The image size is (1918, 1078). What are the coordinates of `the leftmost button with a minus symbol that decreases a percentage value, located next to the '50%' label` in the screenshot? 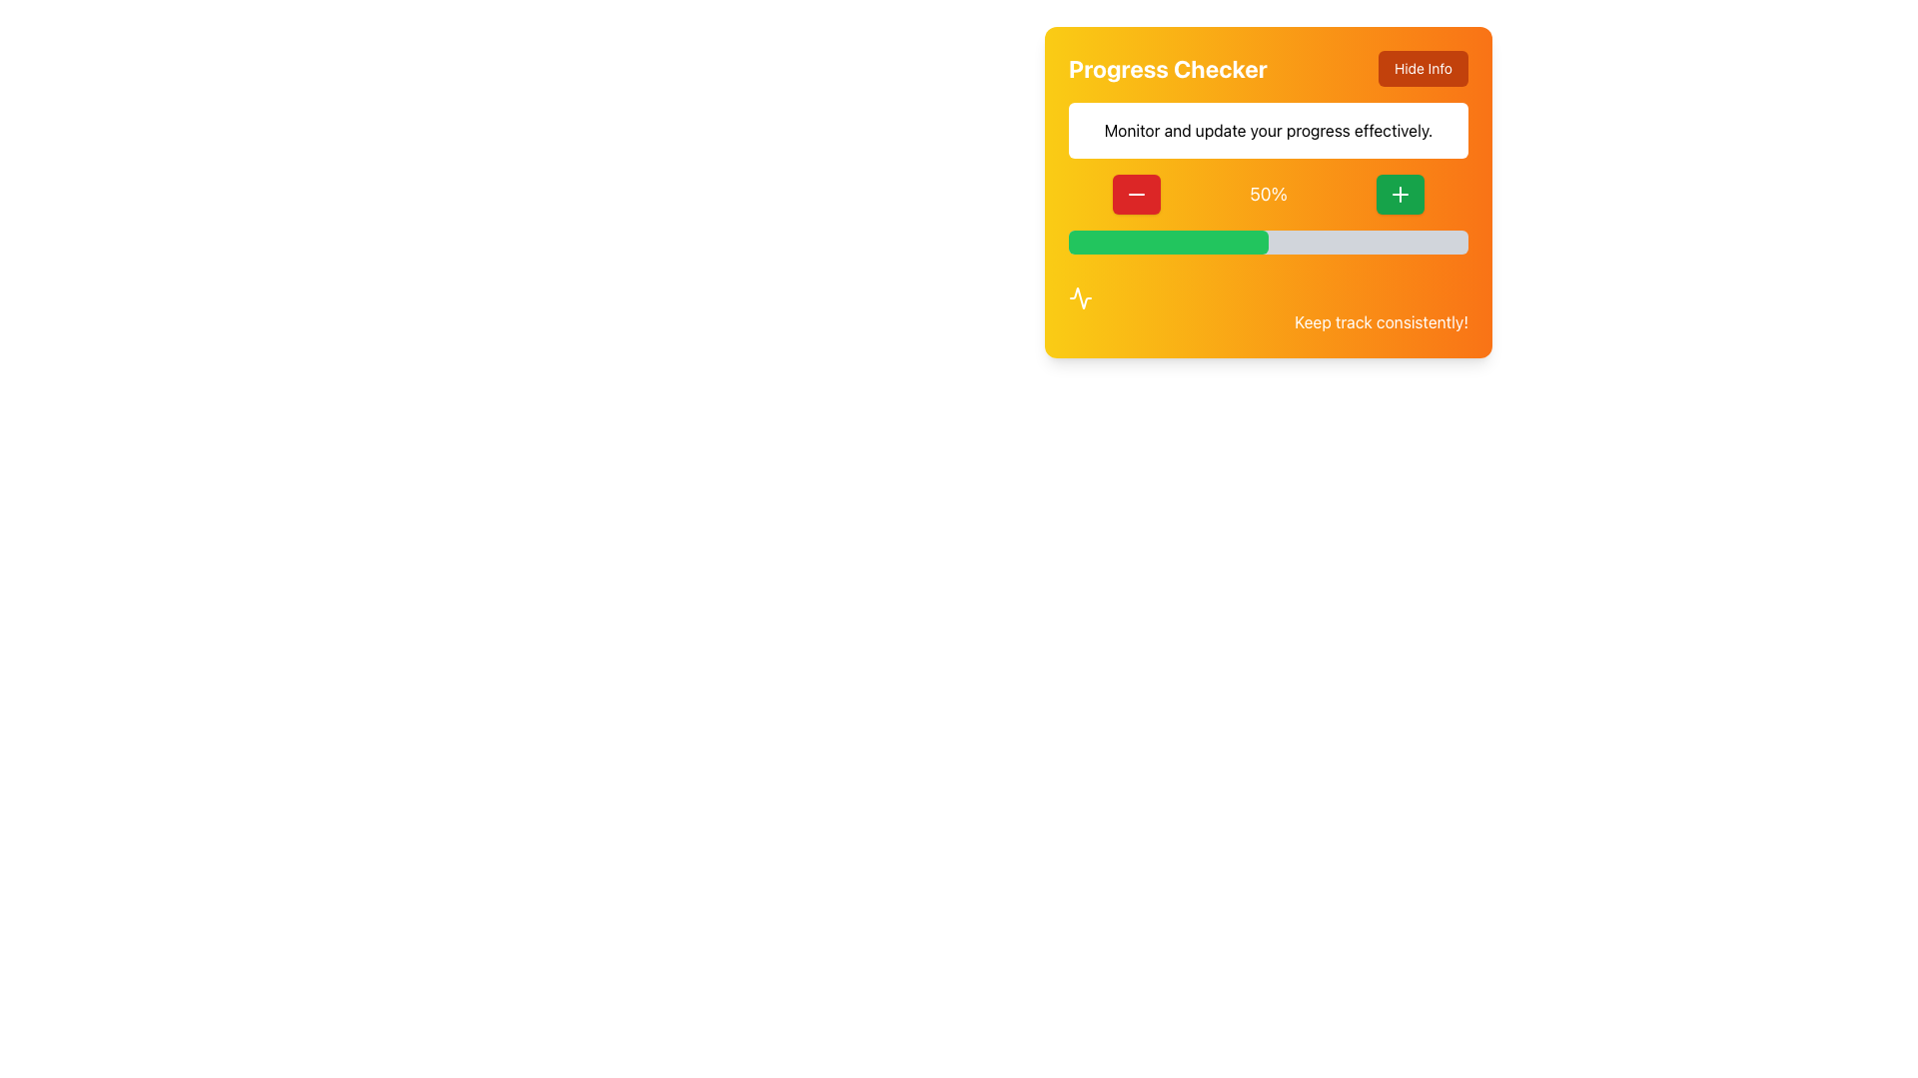 It's located at (1137, 195).